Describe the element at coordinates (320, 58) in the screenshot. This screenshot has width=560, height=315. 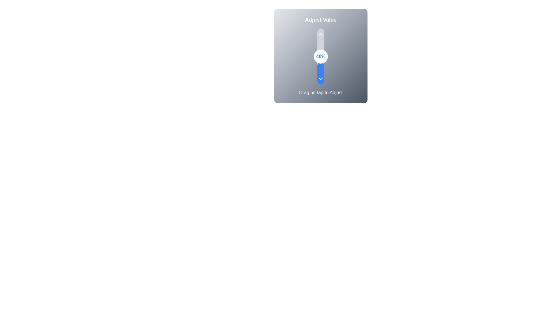
I see `the slider value` at that location.